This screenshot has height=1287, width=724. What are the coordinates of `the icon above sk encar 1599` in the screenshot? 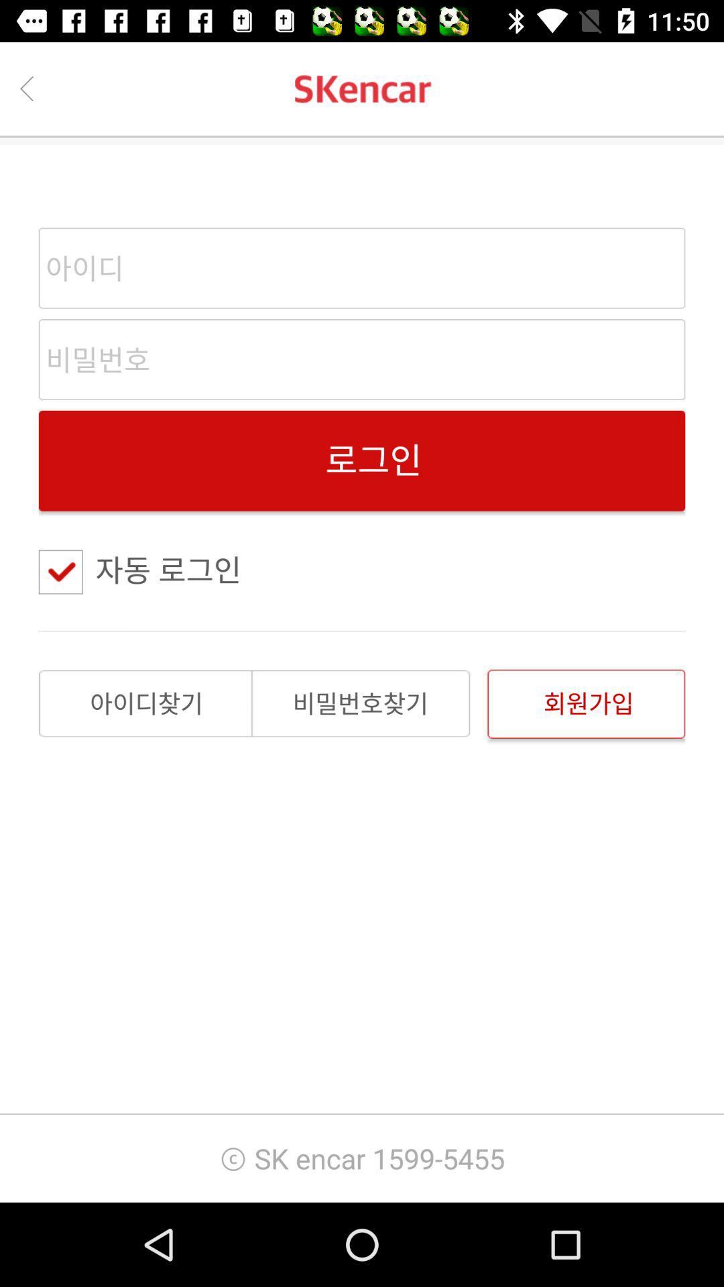 It's located at (585, 703).